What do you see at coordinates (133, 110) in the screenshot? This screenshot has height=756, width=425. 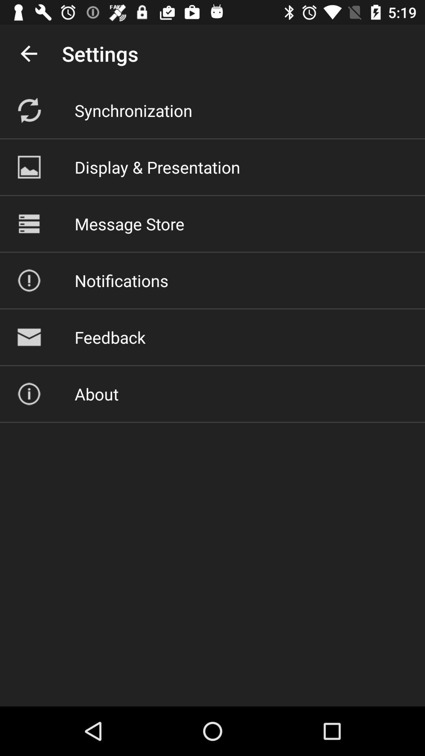 I see `the icon above the display & presentation` at bounding box center [133, 110].